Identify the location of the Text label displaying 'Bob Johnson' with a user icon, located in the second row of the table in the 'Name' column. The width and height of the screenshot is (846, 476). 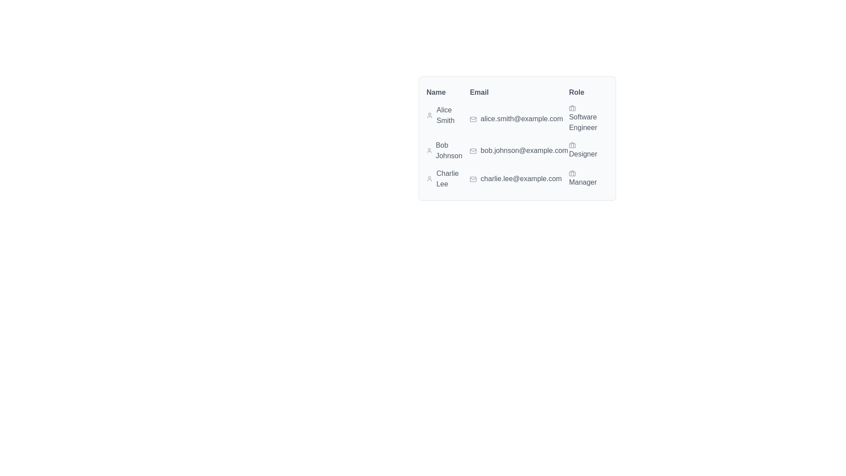
(448, 150).